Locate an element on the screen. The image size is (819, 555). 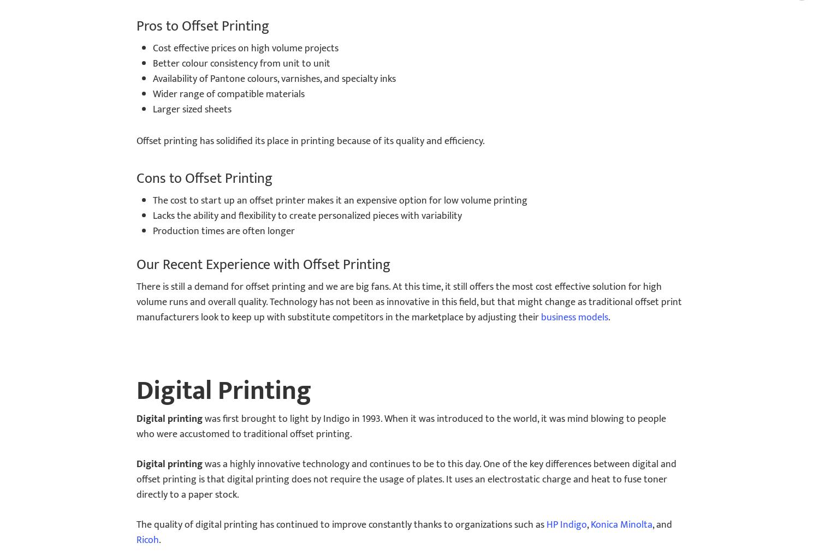
'Availability of Pantone colours, varnishes, and specialty inks' is located at coordinates (274, 79).